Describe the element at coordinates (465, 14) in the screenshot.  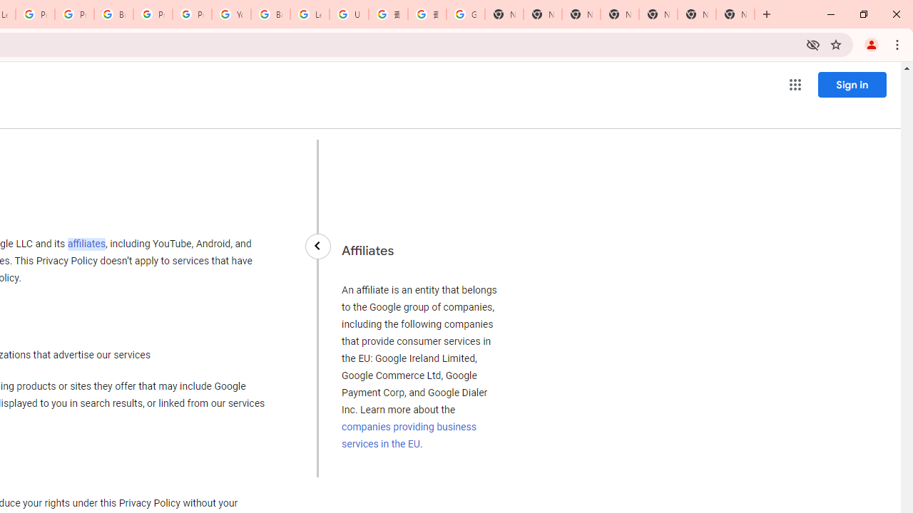
I see `'Google Images'` at that location.